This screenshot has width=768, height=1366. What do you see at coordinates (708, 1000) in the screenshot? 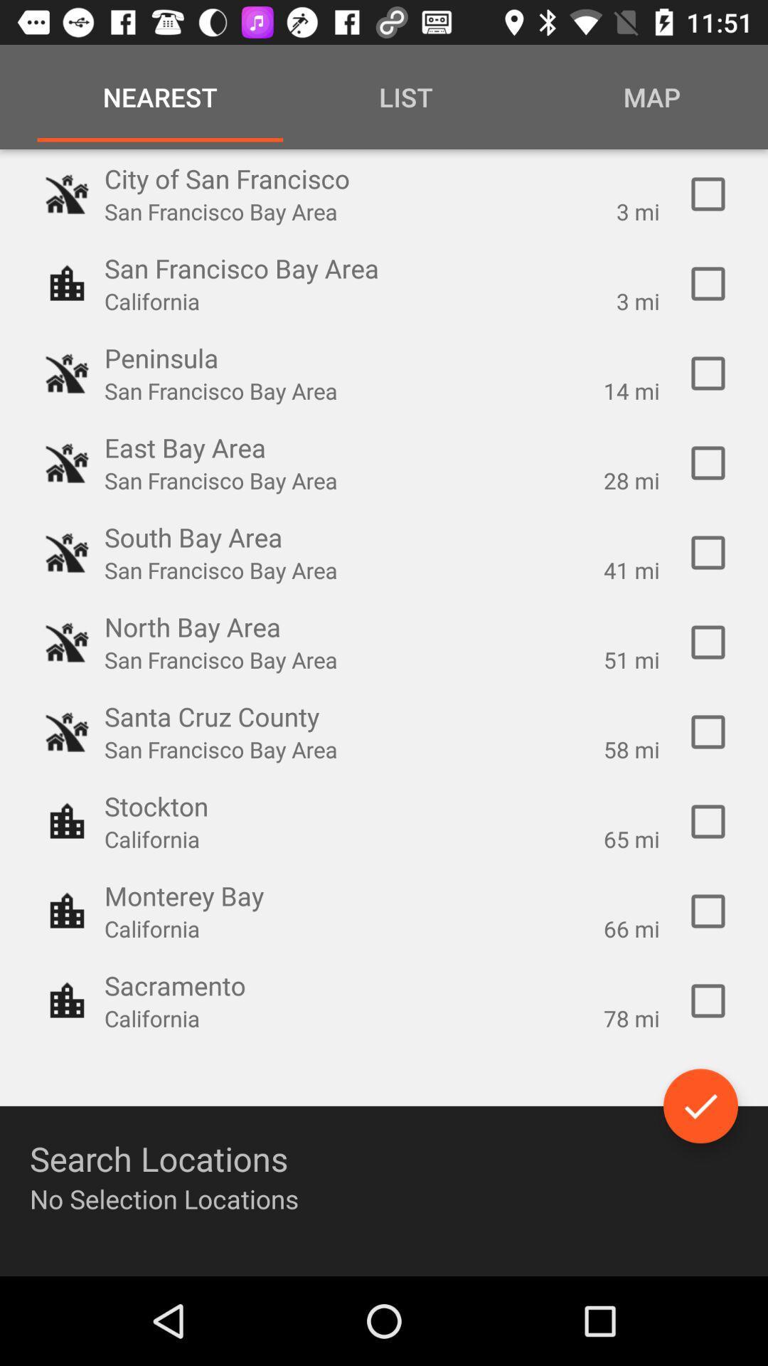
I see `the location` at bounding box center [708, 1000].